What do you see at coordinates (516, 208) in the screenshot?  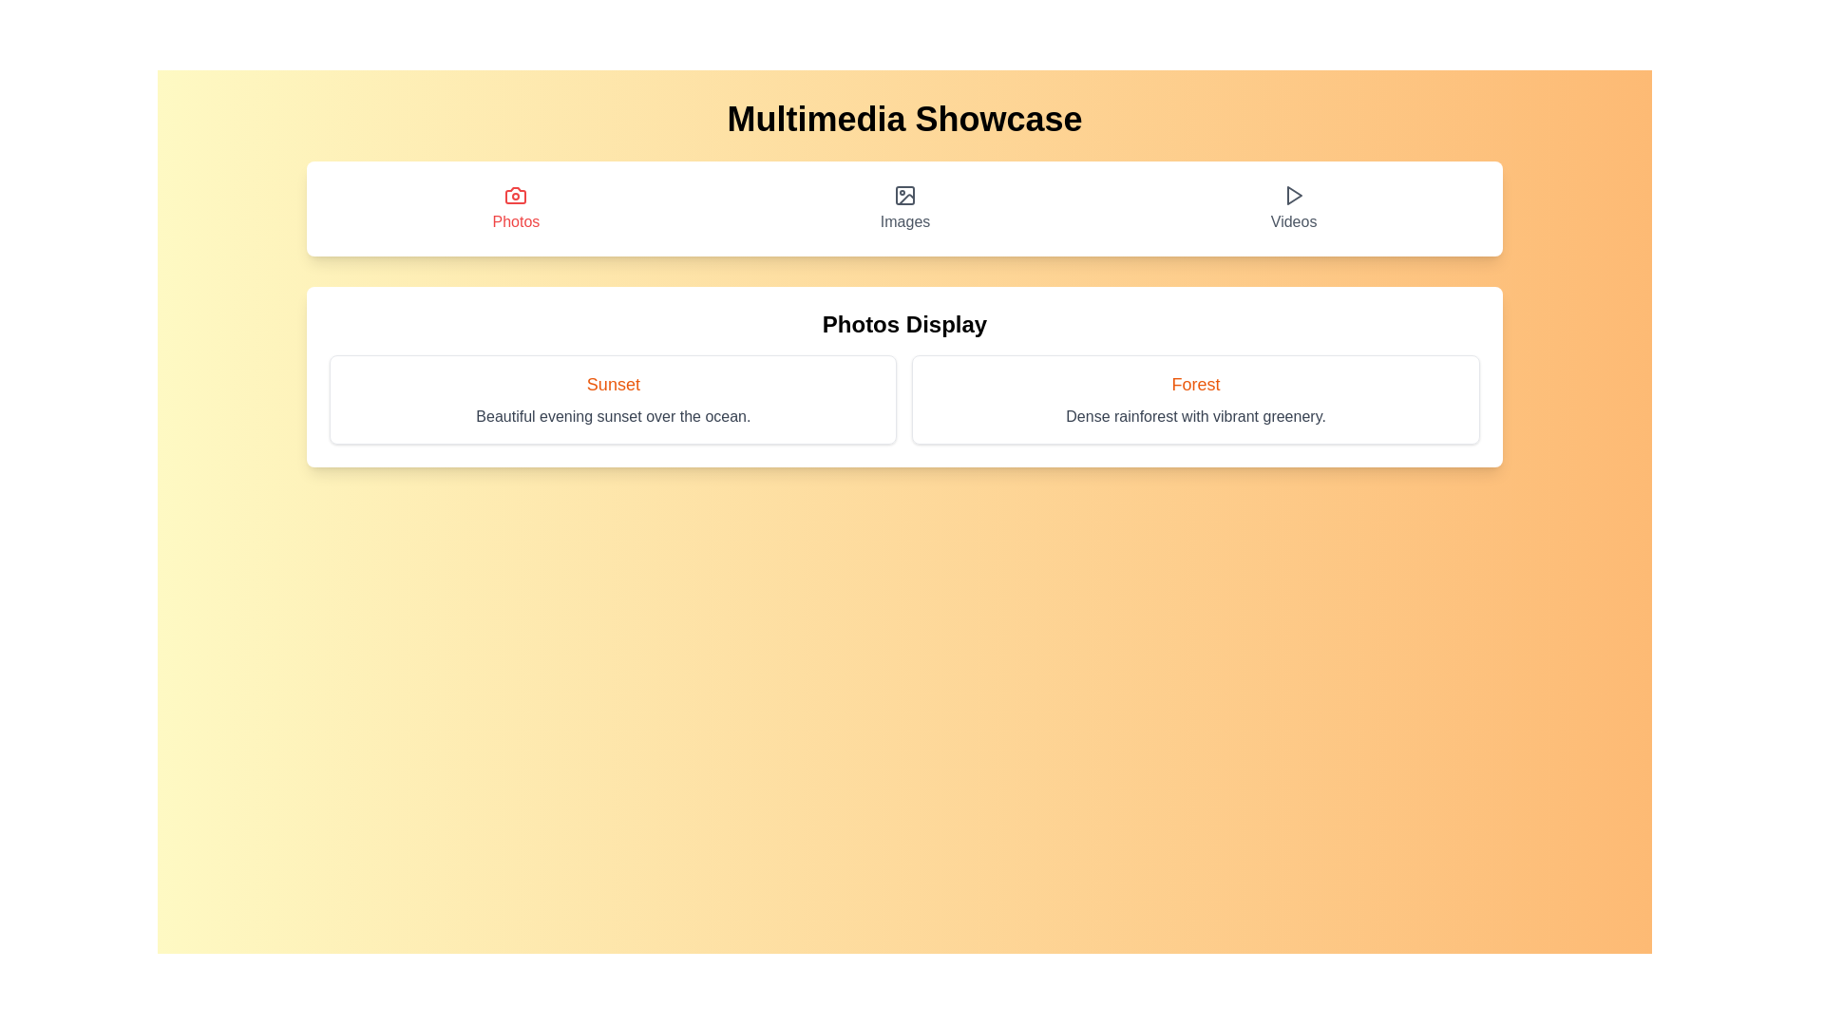 I see `the 'Photos' button, which features a red camera icon and a red text label` at bounding box center [516, 208].